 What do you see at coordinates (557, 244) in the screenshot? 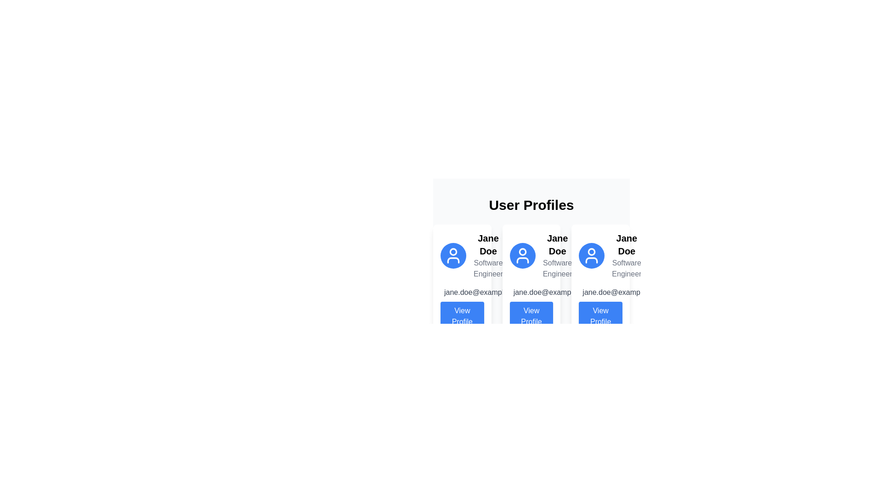
I see `the text label 'Jane Doe' which is styled in bold and large font size, located within a user profile card above the text 'Software Engineer'` at bounding box center [557, 244].